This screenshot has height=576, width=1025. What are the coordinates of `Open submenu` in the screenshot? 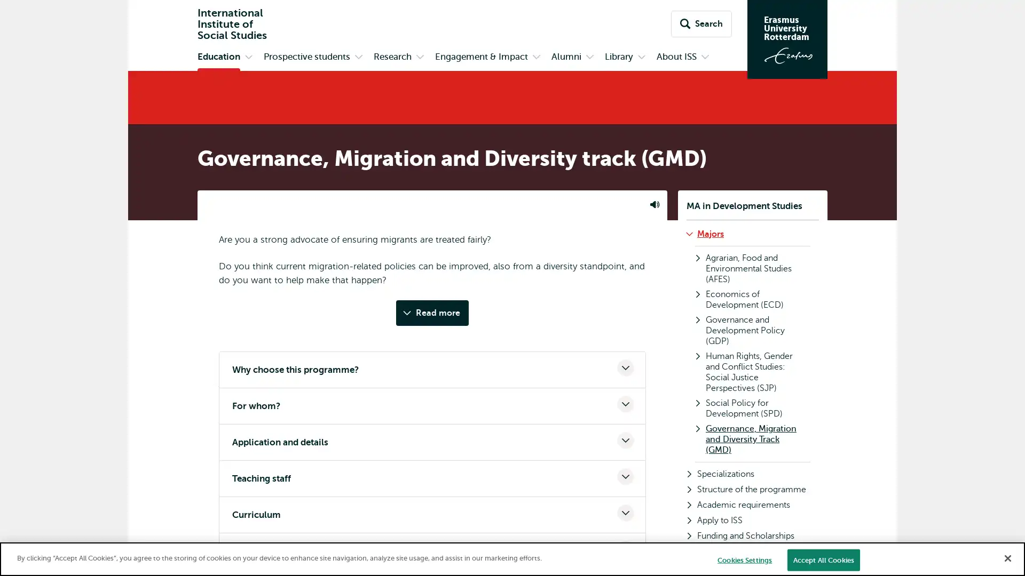 It's located at (589, 58).